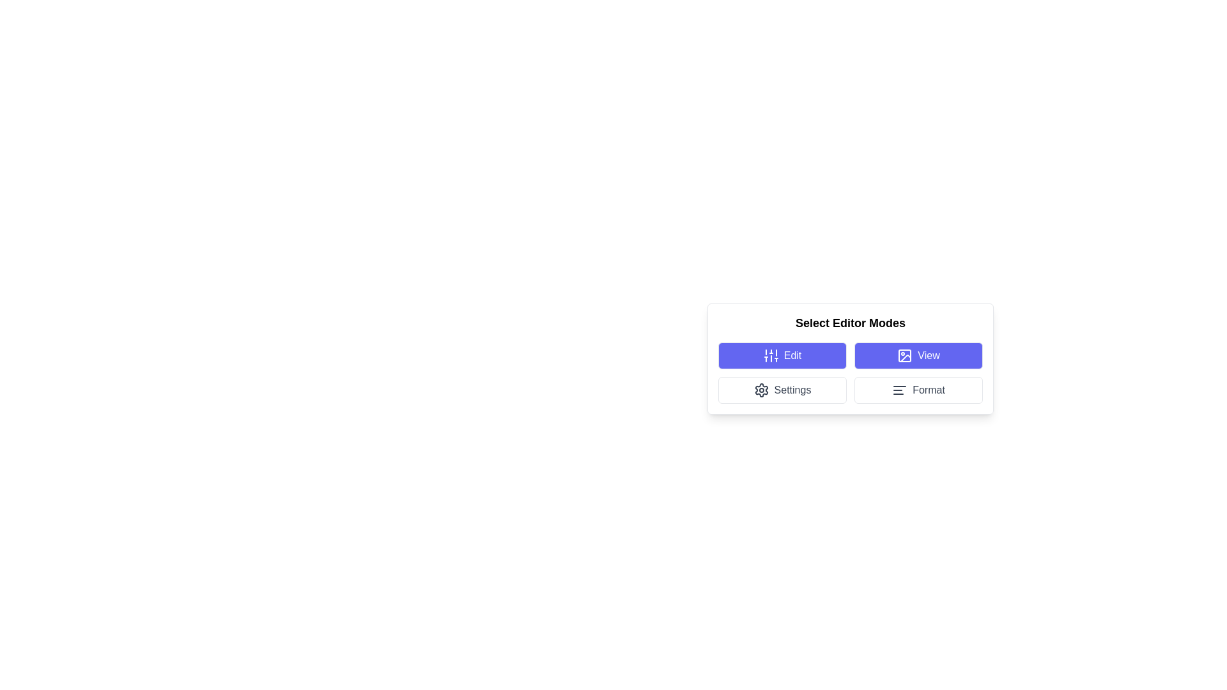 The image size is (1227, 690). I want to click on the blue 'Edit' button associated with the text label indicating that selecting this button will enable the user to enter or modify editor settings, so click(791, 355).